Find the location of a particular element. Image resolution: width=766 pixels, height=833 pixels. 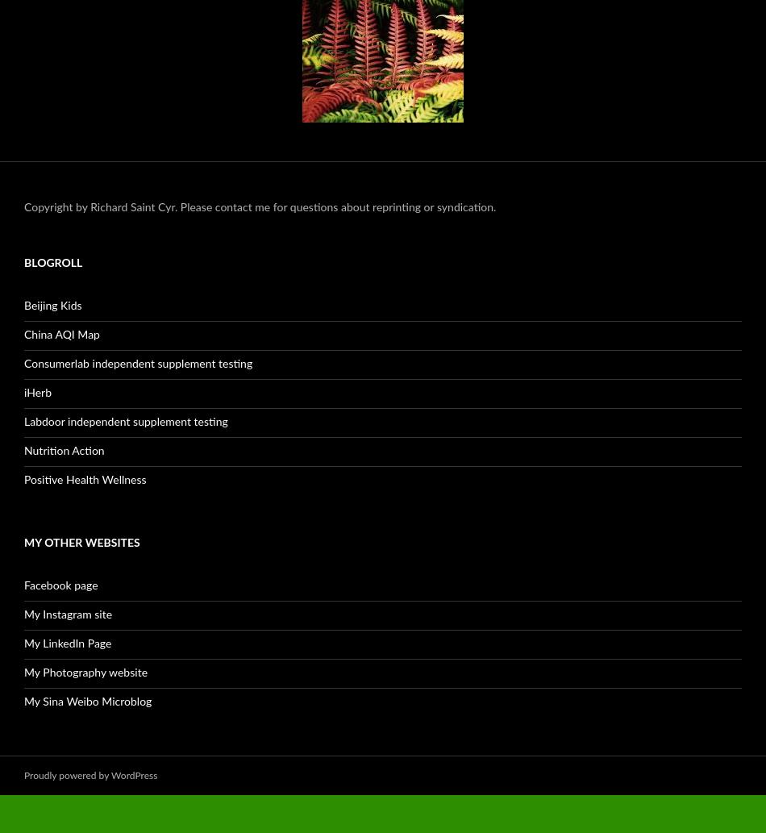

'Beijing Kids' is located at coordinates (52, 306).